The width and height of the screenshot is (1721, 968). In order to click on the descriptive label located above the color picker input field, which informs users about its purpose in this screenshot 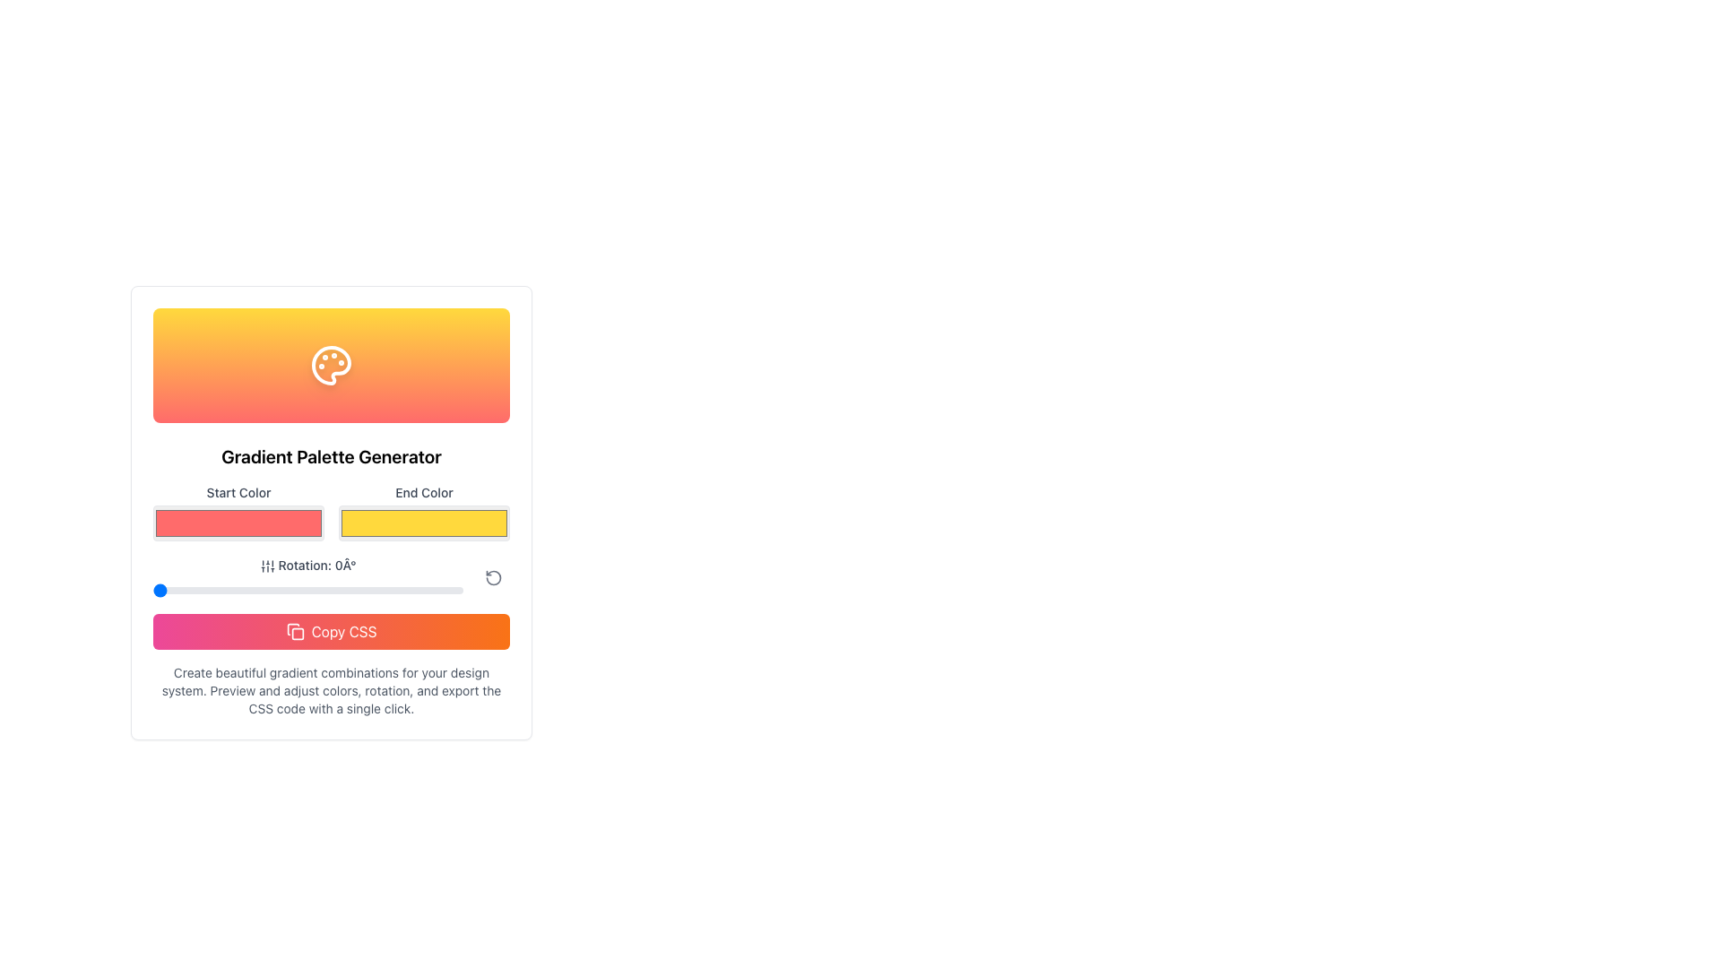, I will do `click(423, 493)`.